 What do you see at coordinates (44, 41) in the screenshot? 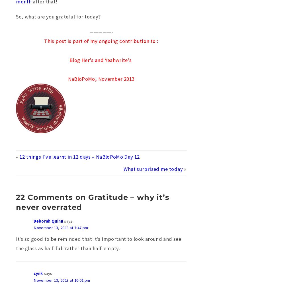
I see `'This post is part of my ongoing contribution to :'` at bounding box center [44, 41].